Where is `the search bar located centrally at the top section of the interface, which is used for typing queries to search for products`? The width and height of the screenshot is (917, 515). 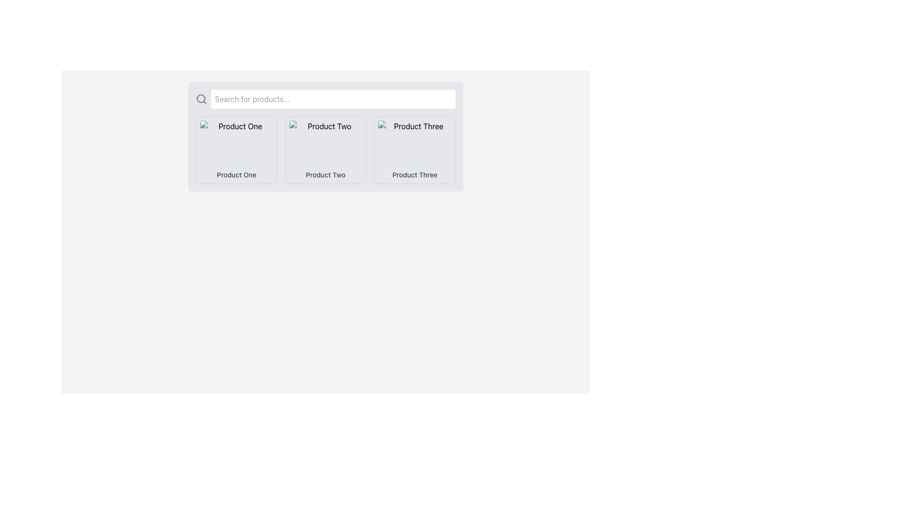
the search bar located centrally at the top section of the interface, which is used for typing queries to search for products is located at coordinates (333, 99).